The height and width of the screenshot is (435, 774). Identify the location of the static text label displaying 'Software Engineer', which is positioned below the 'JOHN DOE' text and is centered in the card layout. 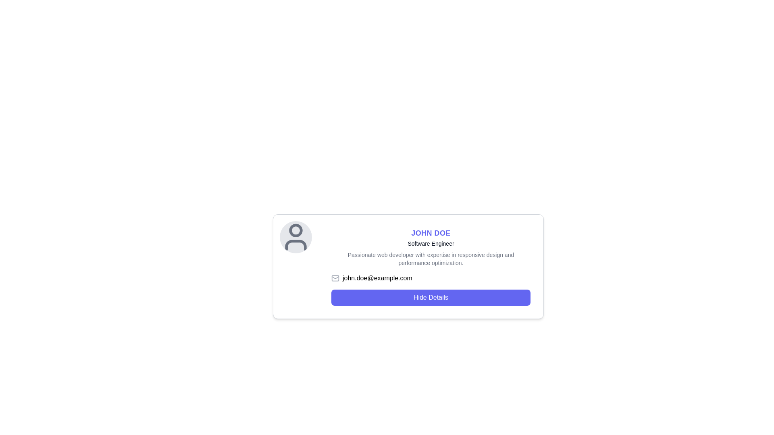
(431, 243).